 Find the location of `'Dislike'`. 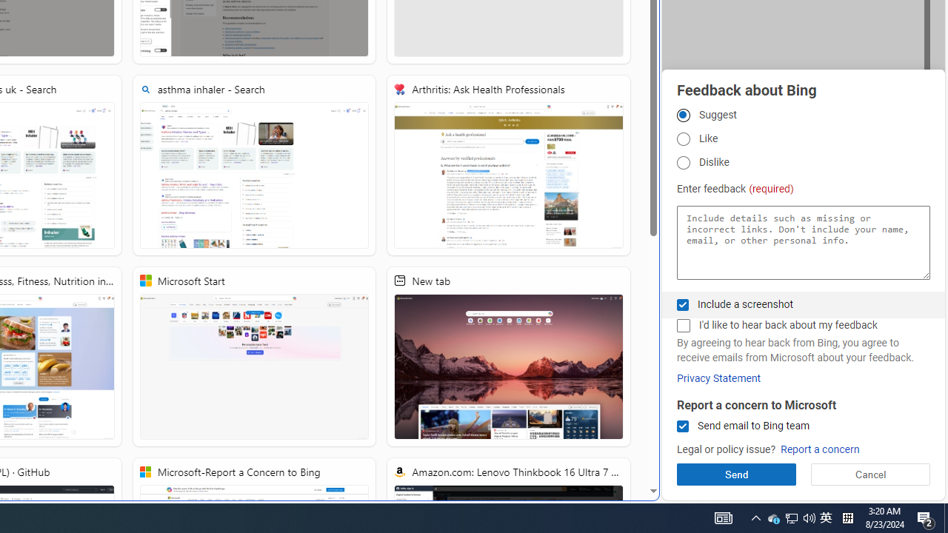

'Dislike' is located at coordinates (682, 162).